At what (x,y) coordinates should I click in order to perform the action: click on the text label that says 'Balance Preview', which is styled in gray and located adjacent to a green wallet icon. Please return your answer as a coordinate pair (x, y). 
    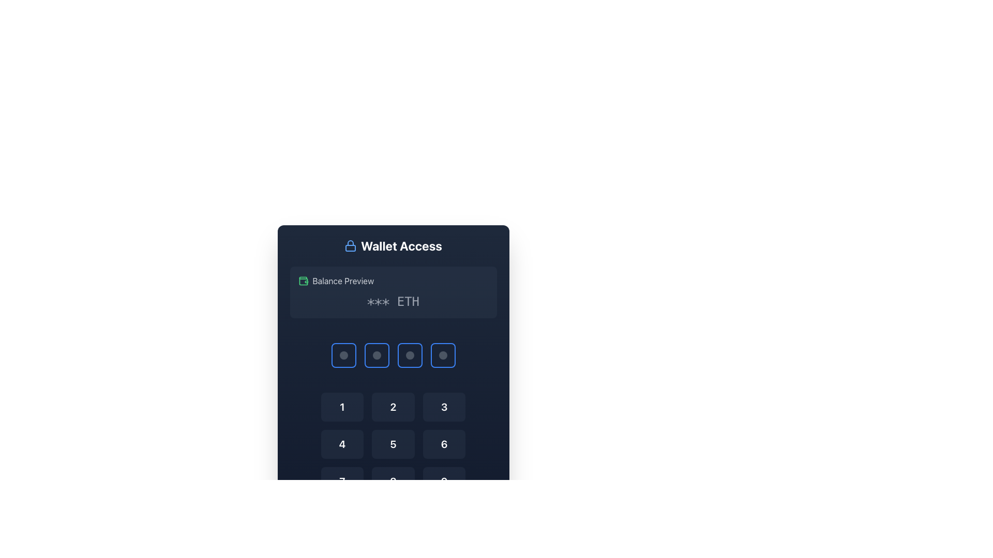
    Looking at the image, I should click on (343, 281).